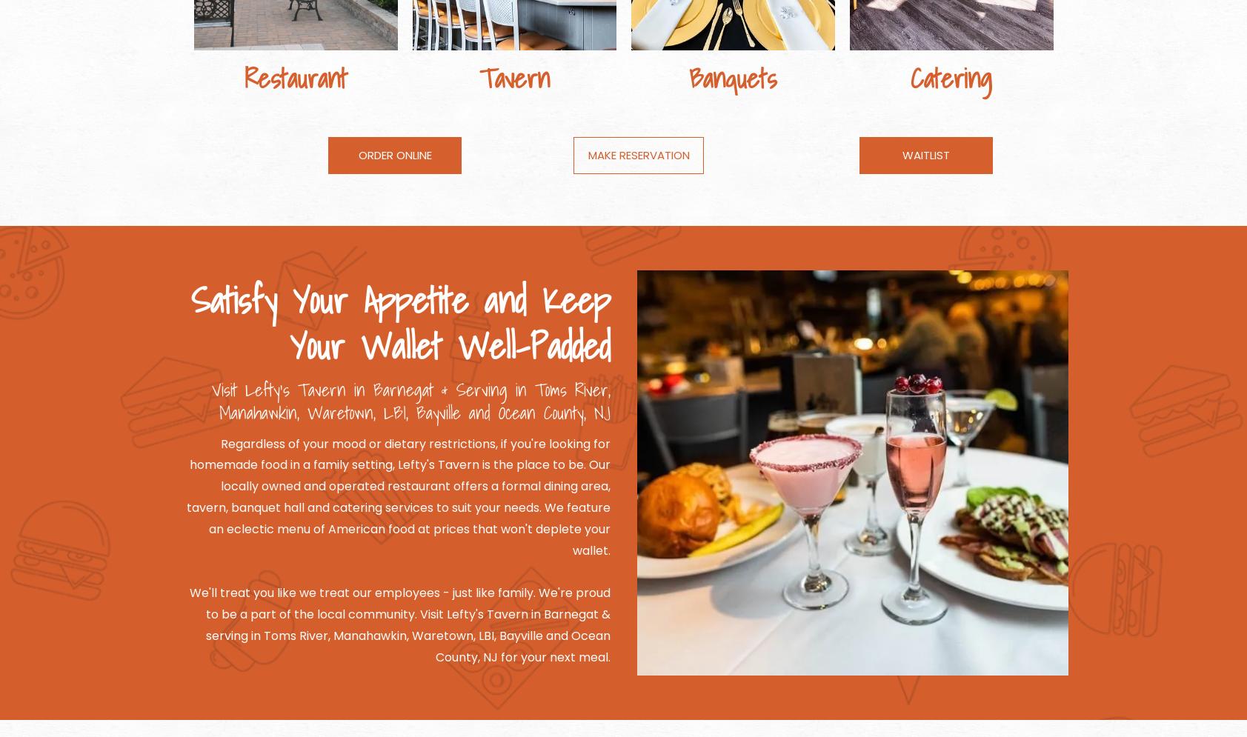  What do you see at coordinates (400, 321) in the screenshot?
I see `'Satisfy Your Appetite and Keep Your Wallet Well-Padded'` at bounding box center [400, 321].